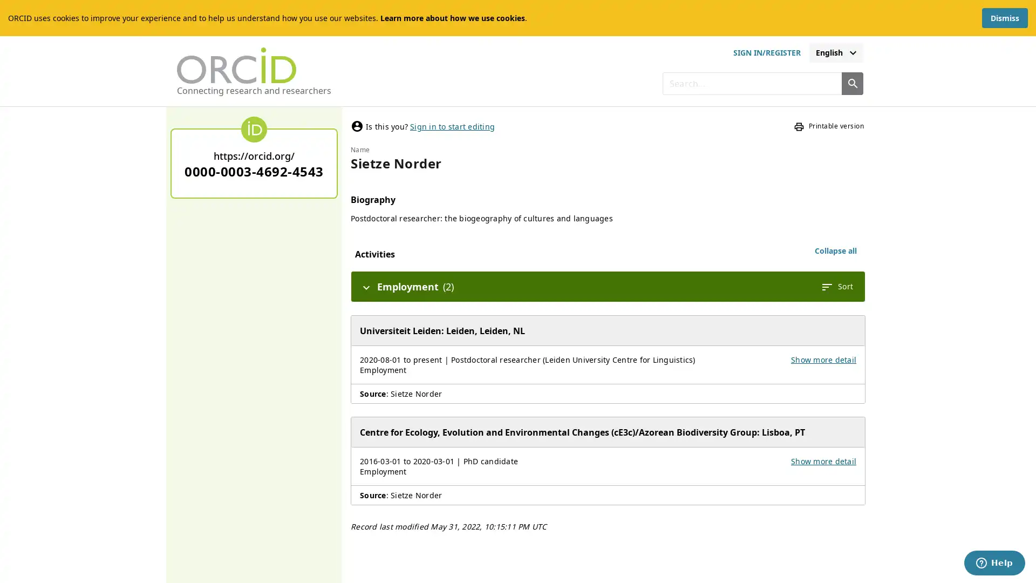  What do you see at coordinates (828, 126) in the screenshot?
I see `Printable version` at bounding box center [828, 126].